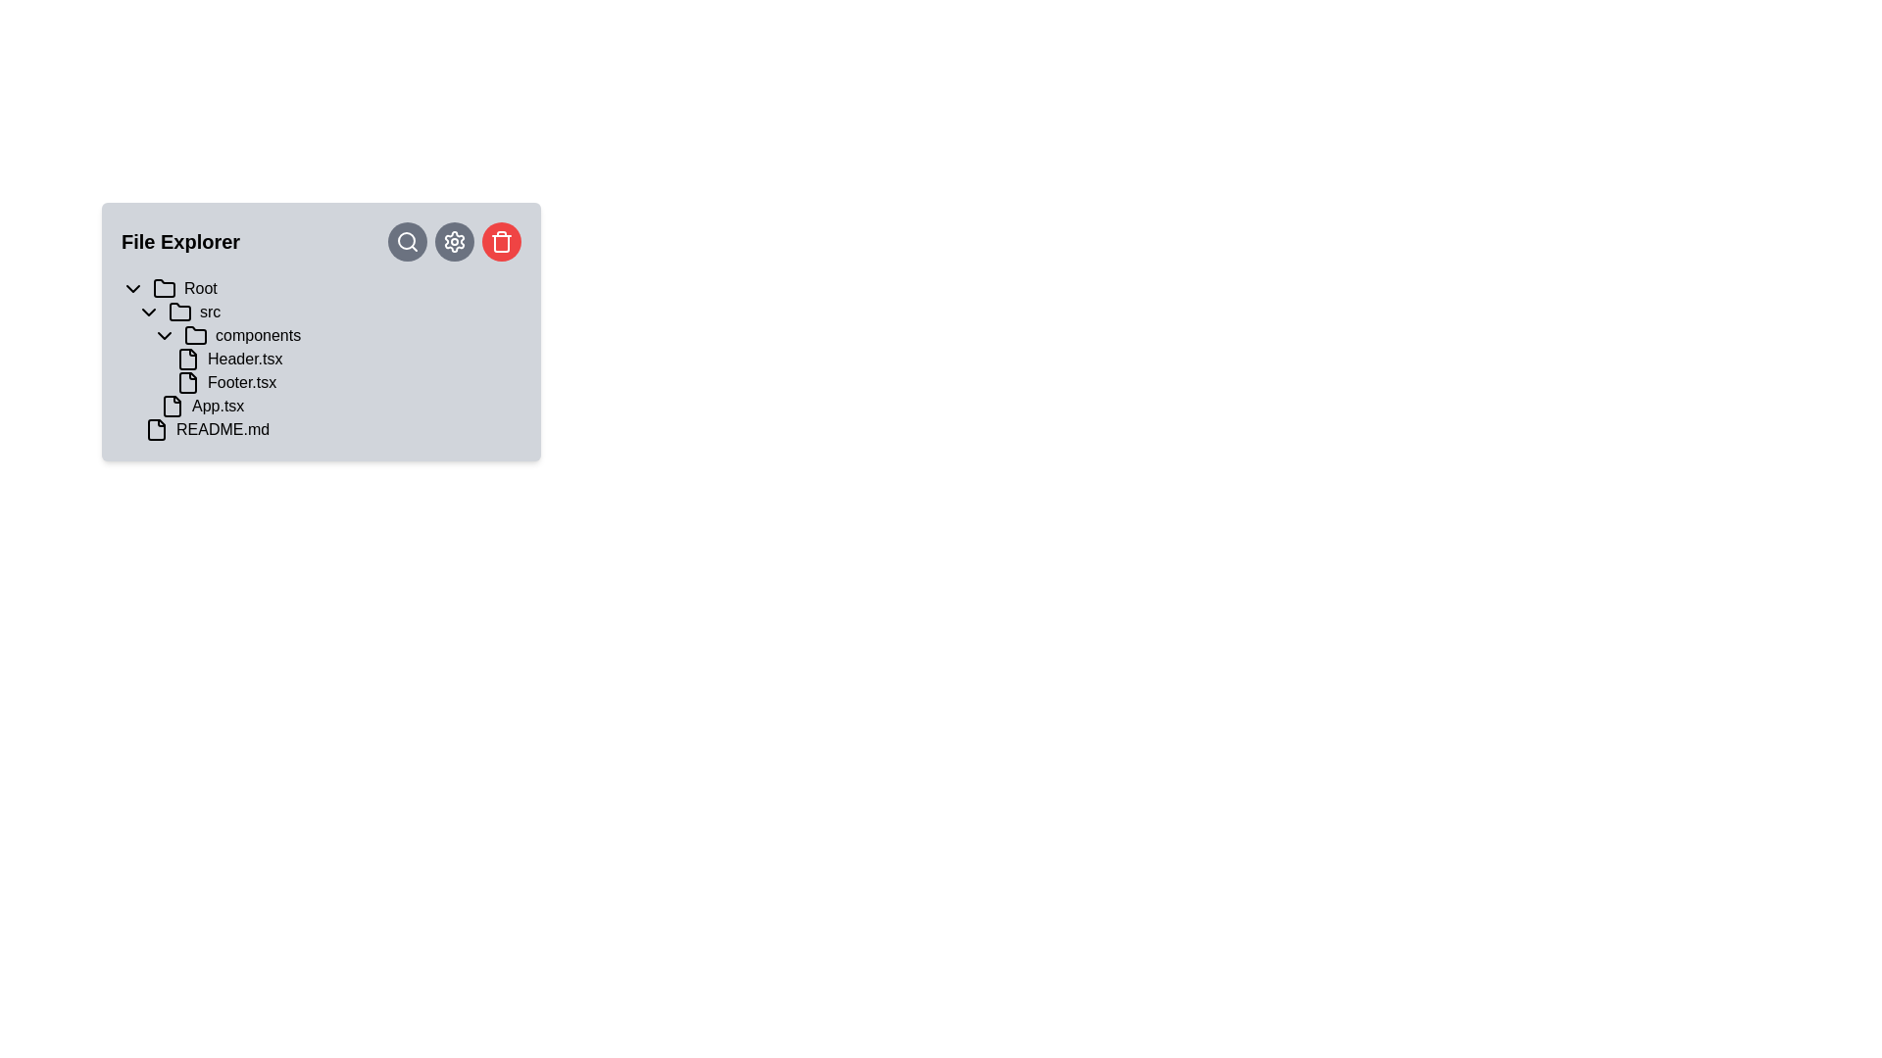  Describe the element at coordinates (502, 240) in the screenshot. I see `the delete icon button located at the top-right corner of the file explorer panel` at that location.